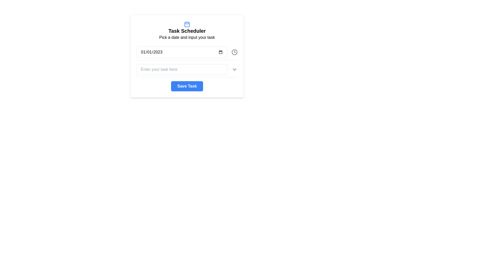 The image size is (488, 274). What do you see at coordinates (234, 52) in the screenshot?
I see `the clock icon located to the right of the date input field` at bounding box center [234, 52].